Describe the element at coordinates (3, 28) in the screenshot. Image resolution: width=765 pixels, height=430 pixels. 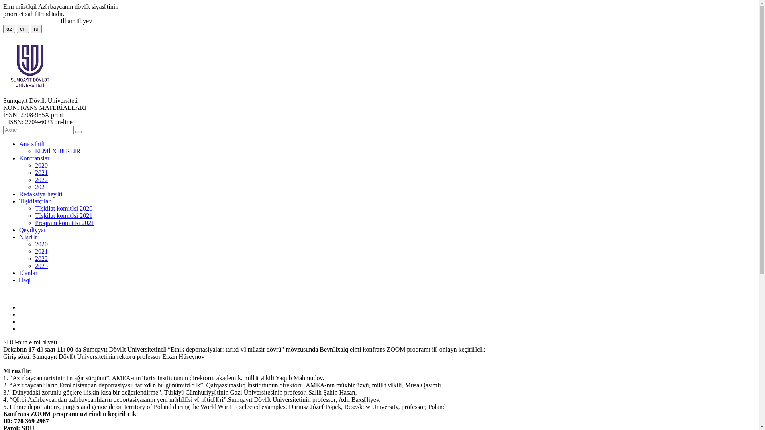
I see `'az'` at that location.